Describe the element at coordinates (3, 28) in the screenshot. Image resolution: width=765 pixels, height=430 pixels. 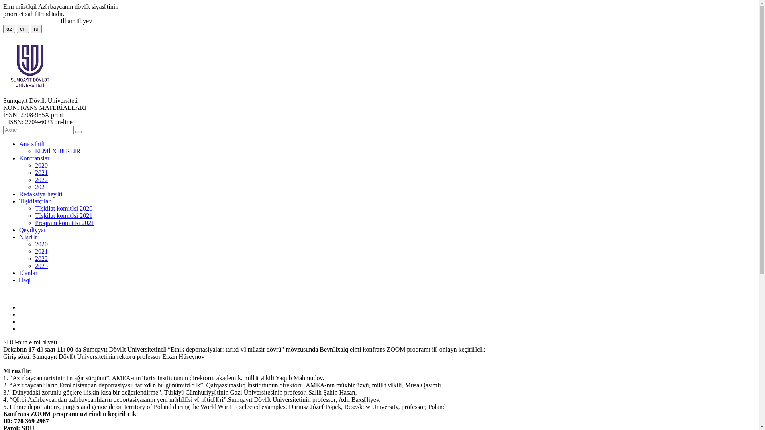
I see `'az'` at that location.